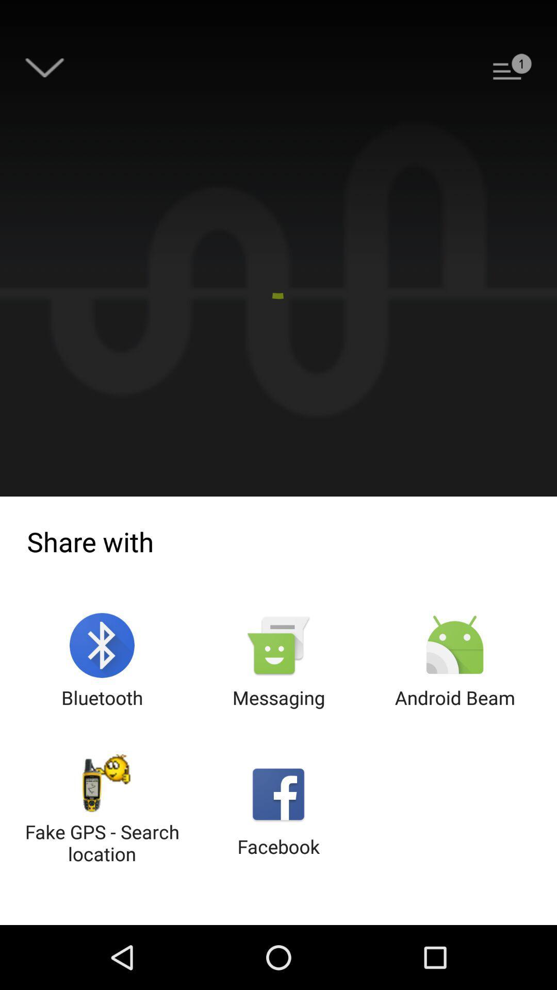 Image resolution: width=557 pixels, height=990 pixels. Describe the element at coordinates (102, 810) in the screenshot. I see `item to the left of the facebook button` at that location.